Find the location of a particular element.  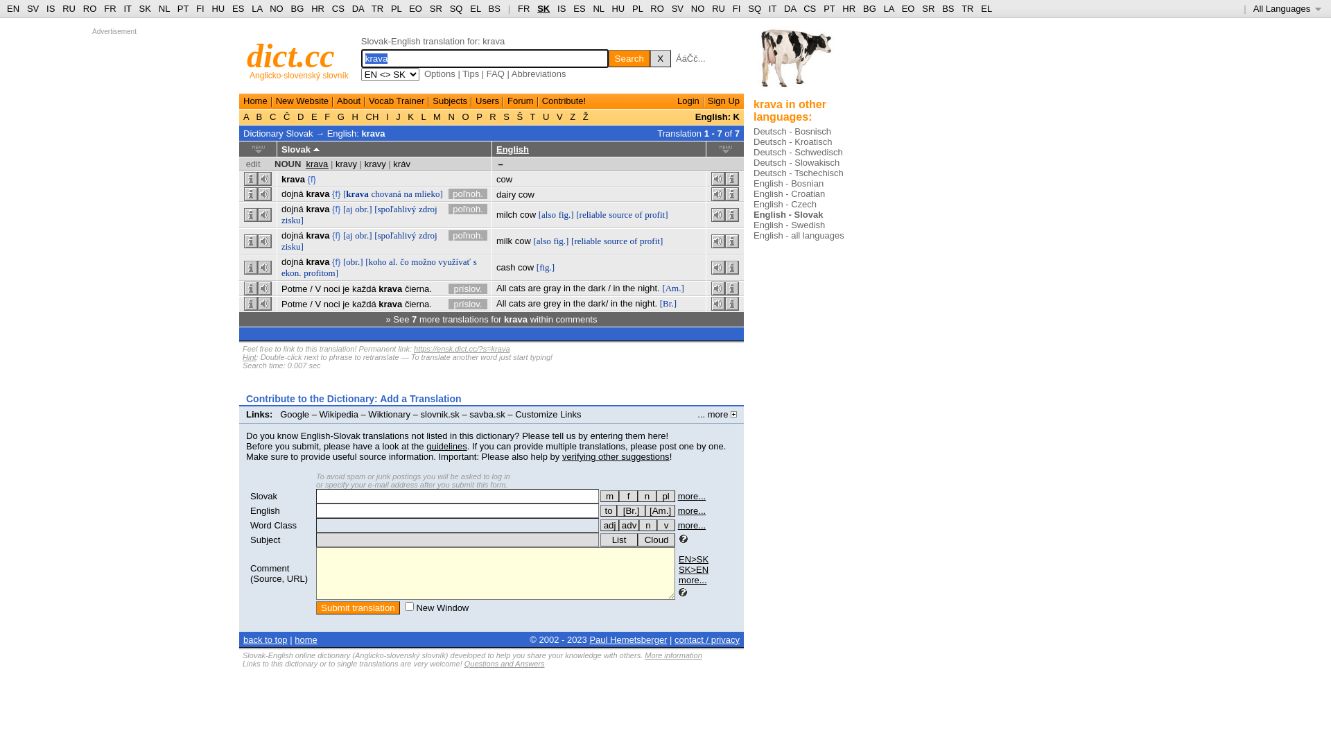

'EL' is located at coordinates (475, 8).